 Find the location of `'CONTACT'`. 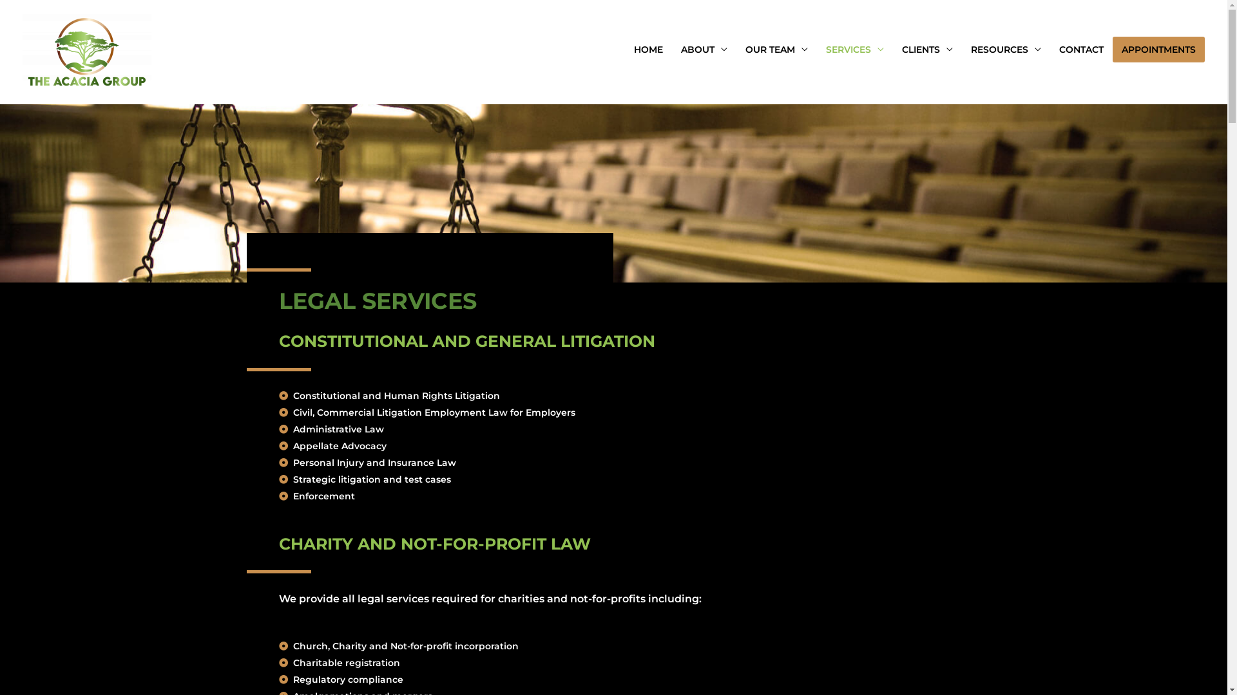

'CONTACT' is located at coordinates (1081, 49).